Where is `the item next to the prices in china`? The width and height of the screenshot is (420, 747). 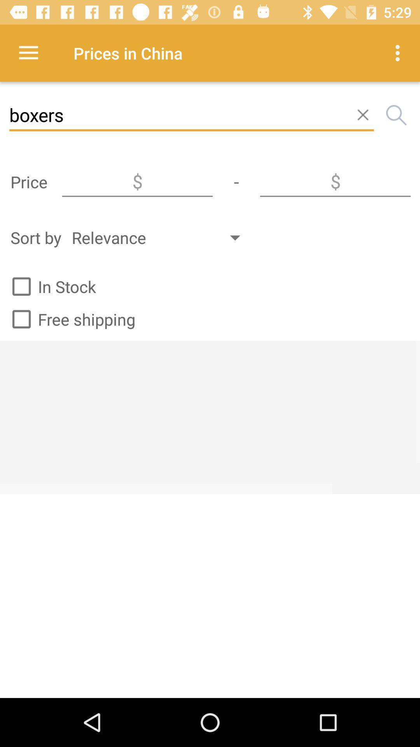
the item next to the prices in china is located at coordinates (399, 53).